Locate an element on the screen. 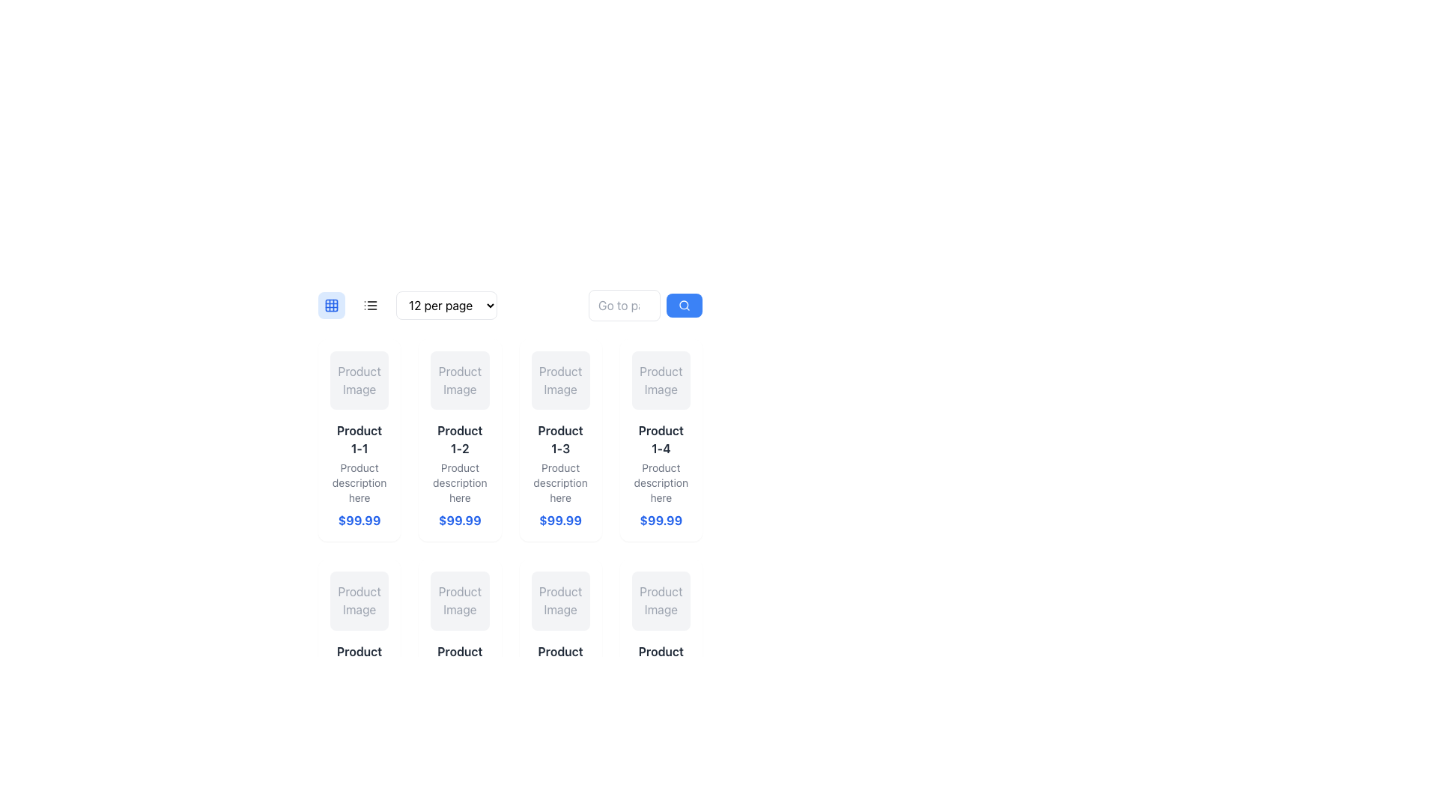 The width and height of the screenshot is (1438, 809). static text label displaying 'Product 1-2', which is bold and dark gray, located in the second column of the product card layout, positioned directly below the placeholder image is located at coordinates (459, 439).